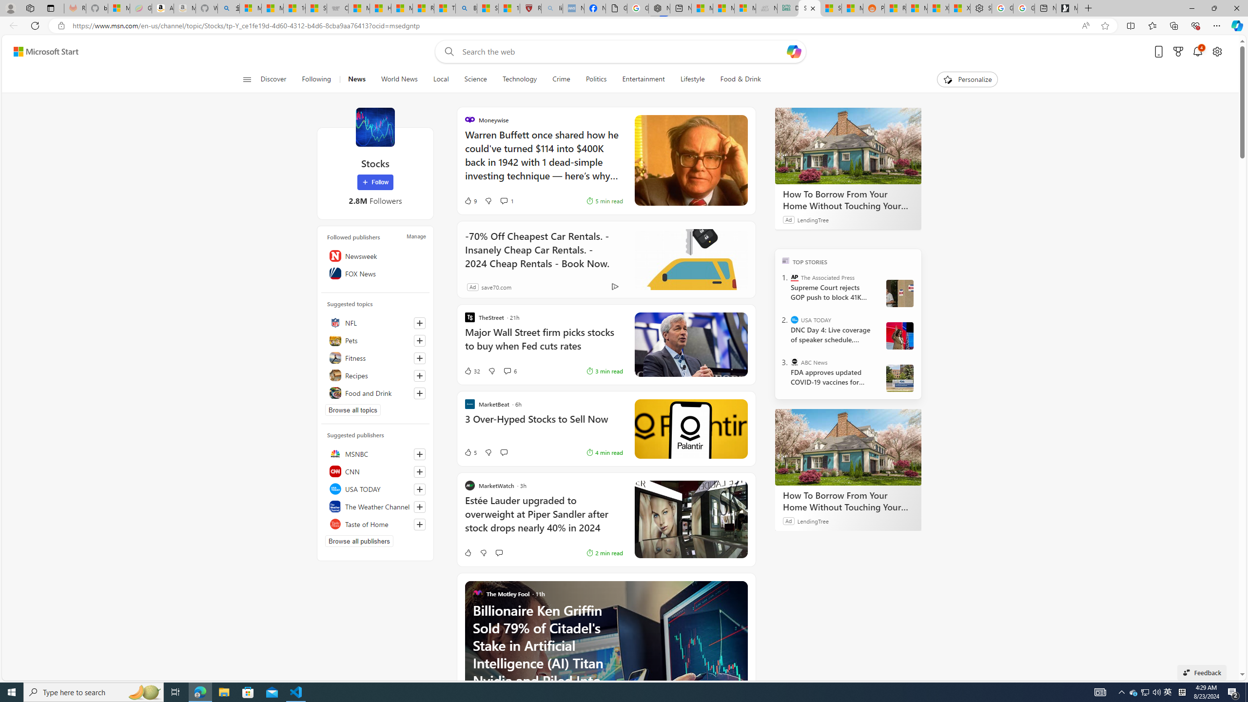 This screenshot has width=1248, height=702. I want to click on 'Recipes', so click(375, 375).